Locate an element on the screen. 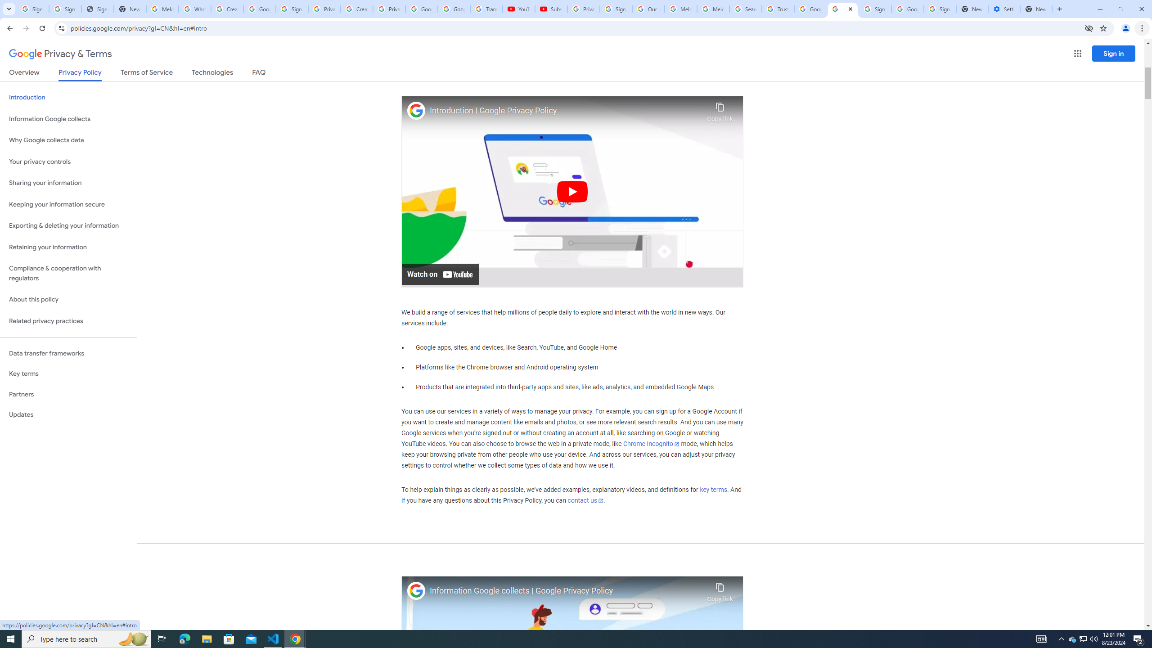  'Watch on YouTube' is located at coordinates (440, 274).